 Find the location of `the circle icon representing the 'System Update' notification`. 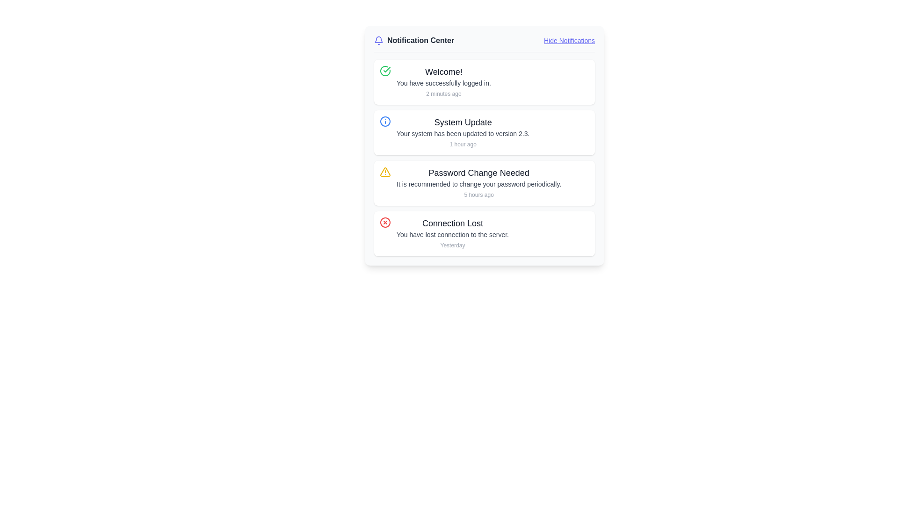

the circle icon representing the 'System Update' notification is located at coordinates (385, 121).